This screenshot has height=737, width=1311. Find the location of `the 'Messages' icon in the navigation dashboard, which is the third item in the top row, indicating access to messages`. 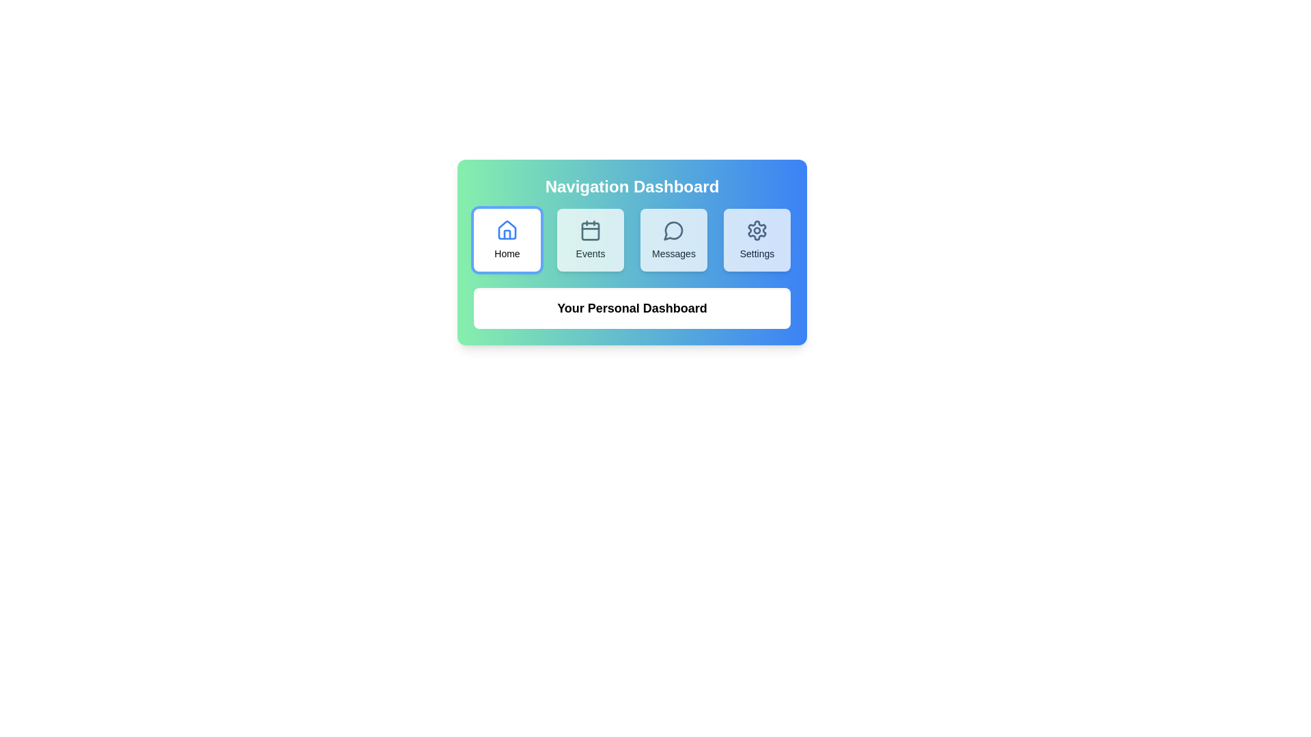

the 'Messages' icon in the navigation dashboard, which is the third item in the top row, indicating access to messages is located at coordinates (673, 230).